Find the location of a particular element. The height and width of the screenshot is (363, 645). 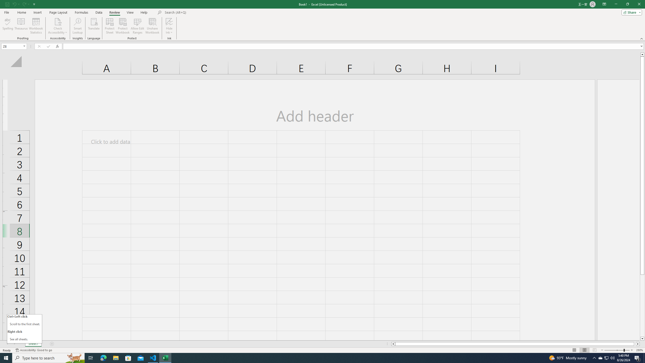

'Unshare Workbook' is located at coordinates (152, 26).